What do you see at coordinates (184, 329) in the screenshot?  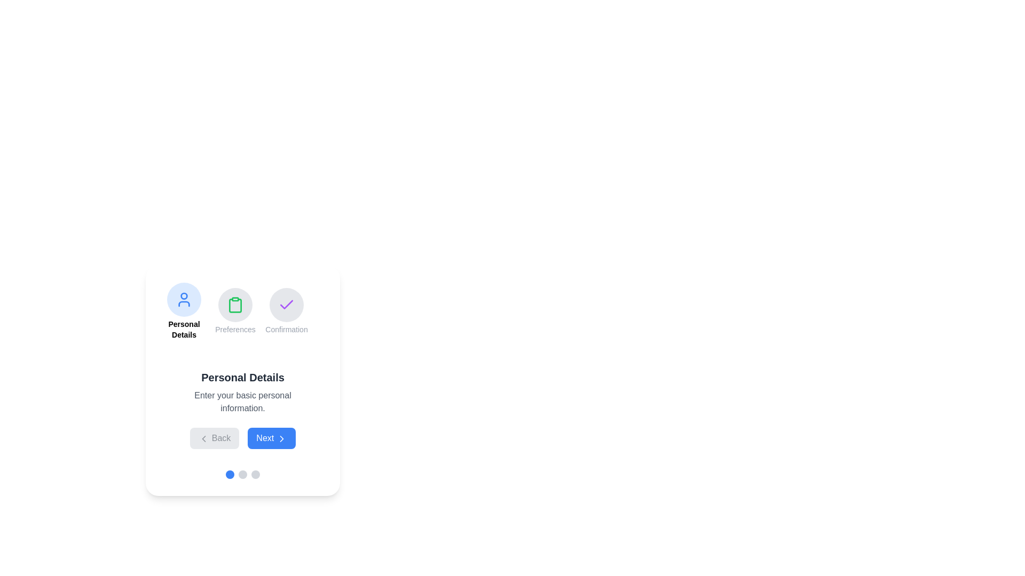 I see `the static text label that indicates the current step for personal details in a multi-step form, positioned below the user icon and at the bottom of its vertical stack` at bounding box center [184, 329].